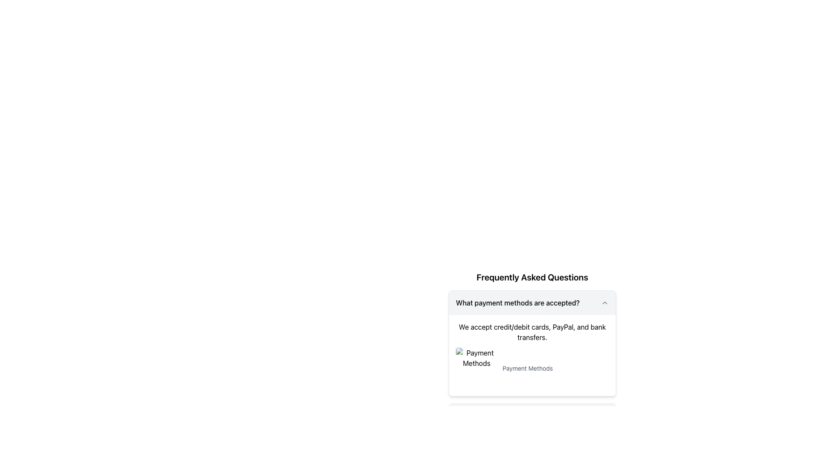 The image size is (829, 466). I want to click on the Informational Component that describes accepted payment methods, located below the heading 'What payment methods are accepted?', so click(532, 356).